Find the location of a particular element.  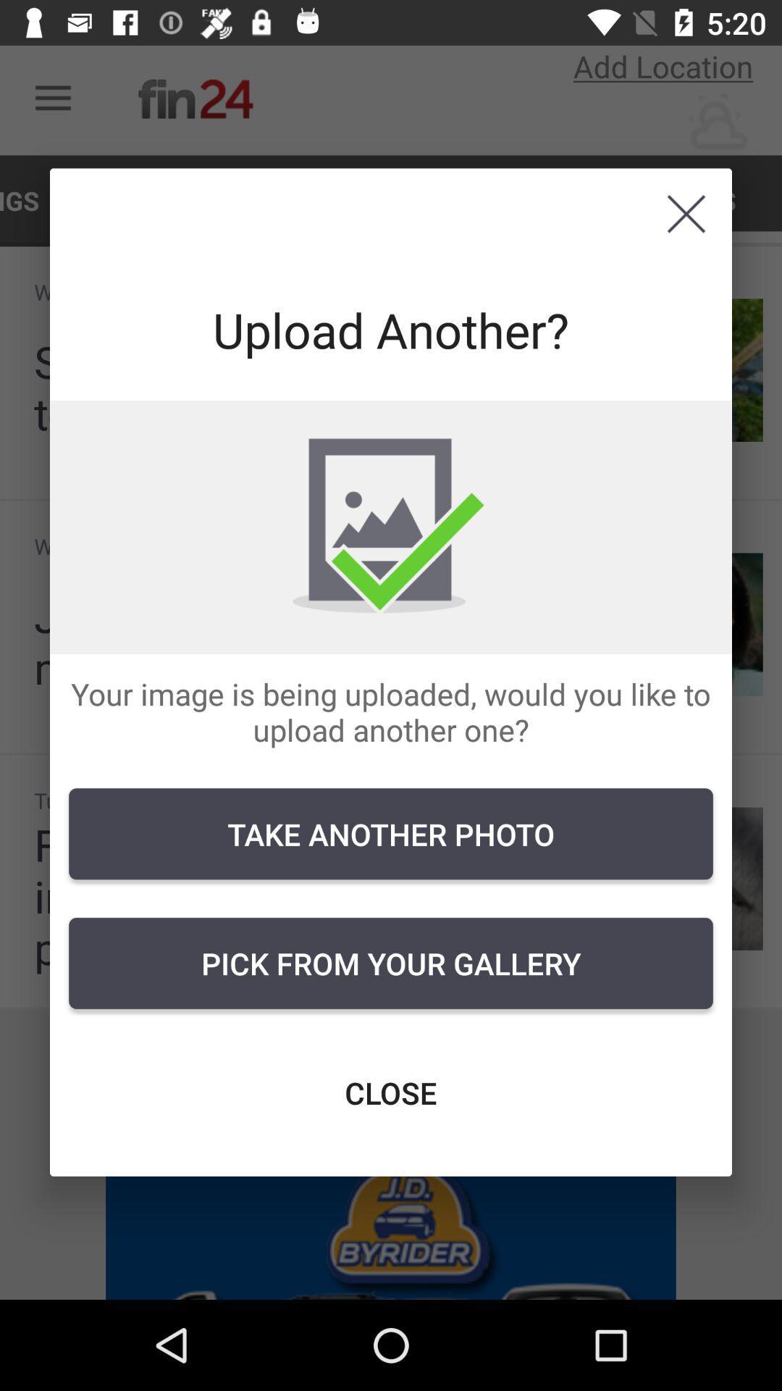

the icon above the close item is located at coordinates (391, 963).